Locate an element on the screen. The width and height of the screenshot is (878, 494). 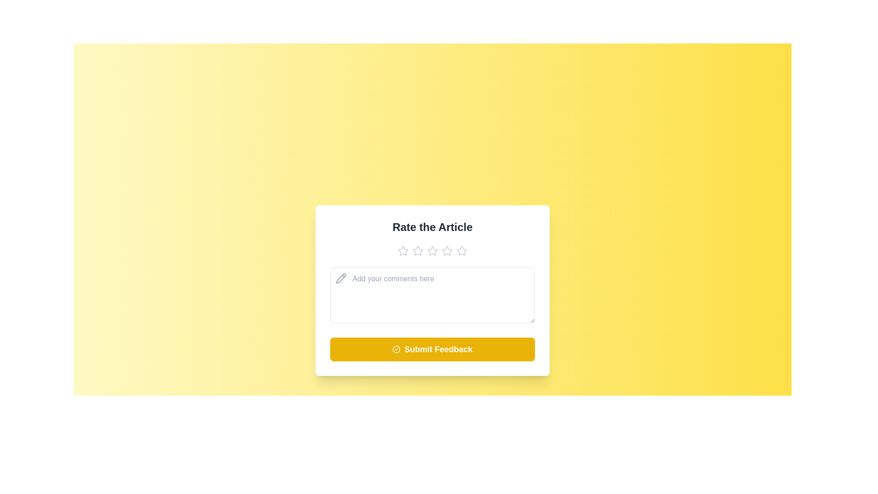
the bold text node displaying 'Submit Feedback' which is centrally aligned within a prominent yellow button at the bottom of the feedback form is located at coordinates (438, 349).